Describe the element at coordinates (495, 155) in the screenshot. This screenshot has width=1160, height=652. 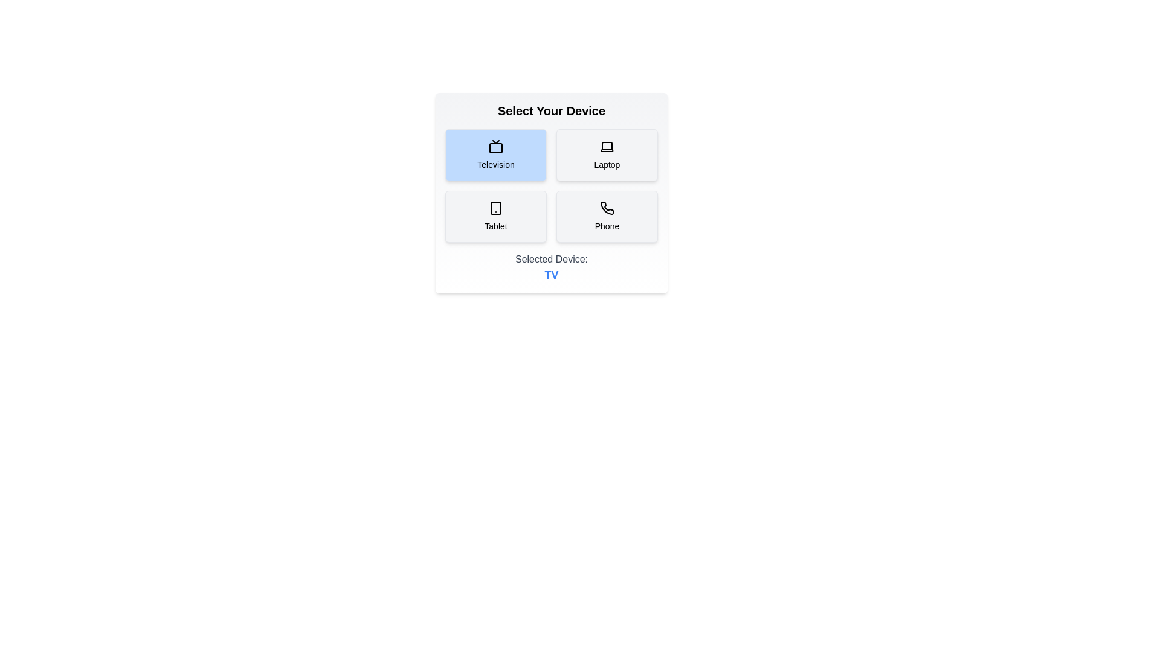
I see `the button labeled Television to observe its visual effect` at that location.